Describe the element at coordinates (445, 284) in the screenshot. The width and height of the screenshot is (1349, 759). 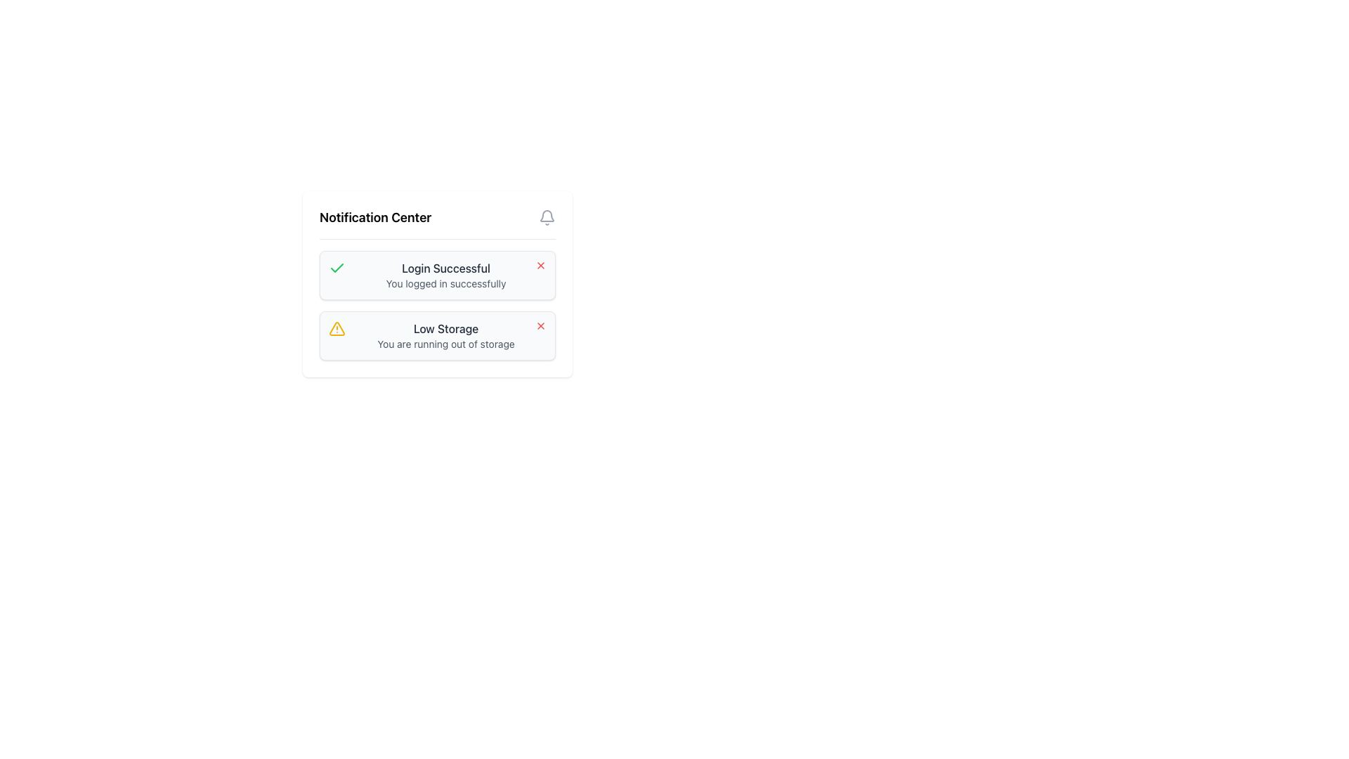
I see `the text label displaying 'You logged in successfully', which is located below the title 'Login Successful' within the notification card in the center of the interface` at that location.